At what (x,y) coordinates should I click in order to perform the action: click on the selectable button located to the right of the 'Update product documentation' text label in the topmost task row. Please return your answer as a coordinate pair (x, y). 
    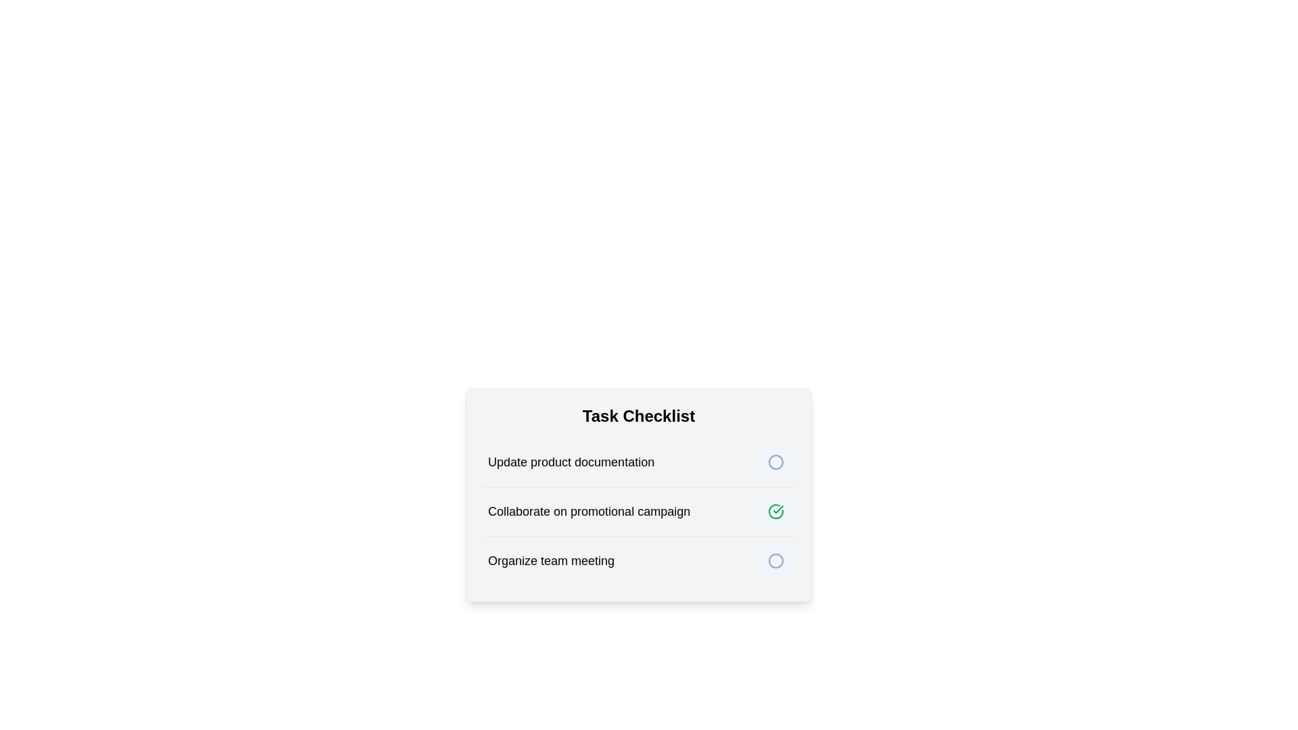
    Looking at the image, I should click on (775, 461).